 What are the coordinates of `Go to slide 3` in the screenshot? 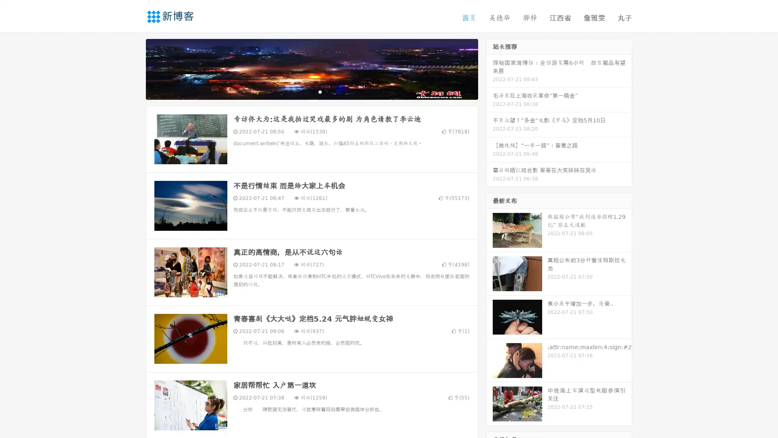 It's located at (320, 91).